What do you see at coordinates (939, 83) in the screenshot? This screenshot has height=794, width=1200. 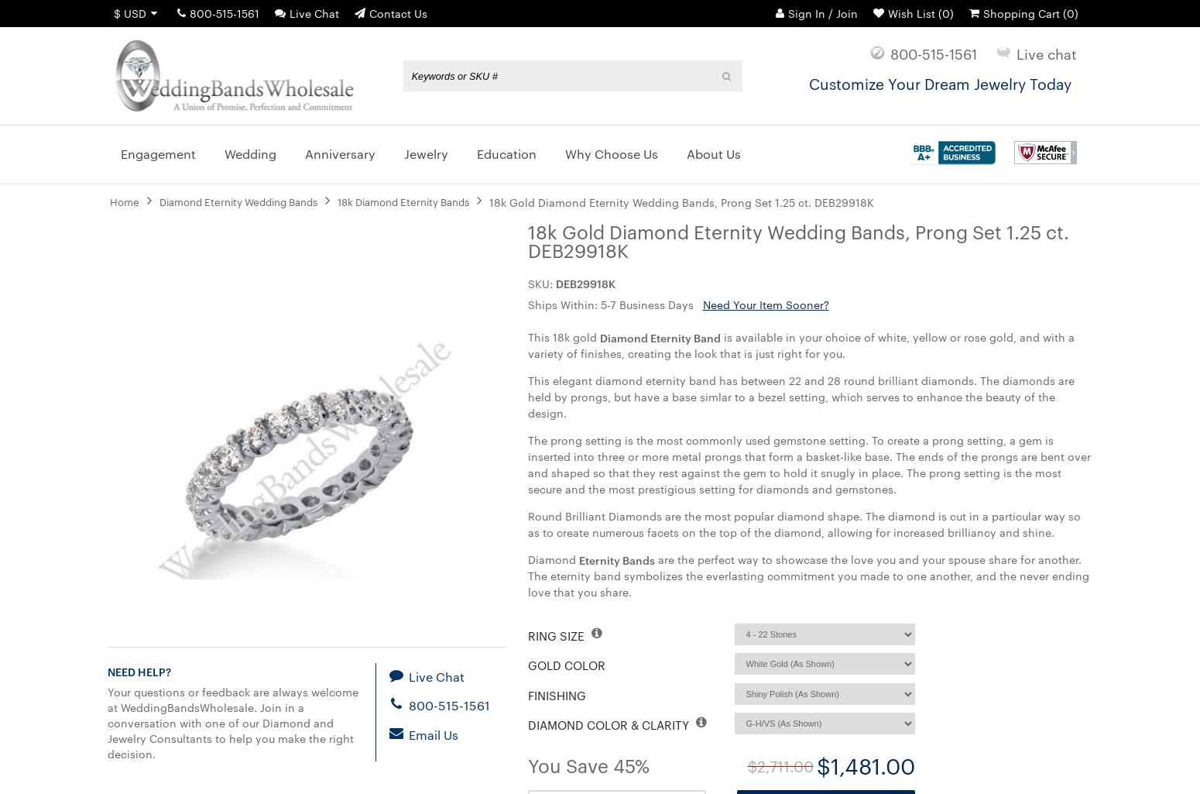 I see `'Customize Your Dream Jewelry Today'` at bounding box center [939, 83].